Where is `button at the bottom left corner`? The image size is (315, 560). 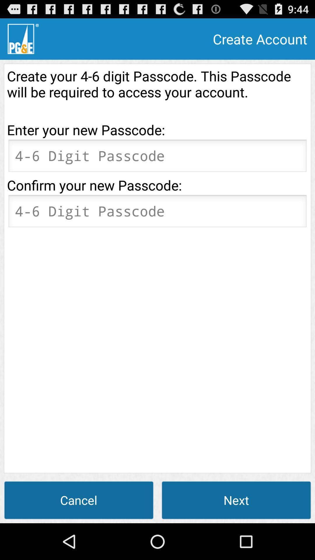 button at the bottom left corner is located at coordinates (79, 500).